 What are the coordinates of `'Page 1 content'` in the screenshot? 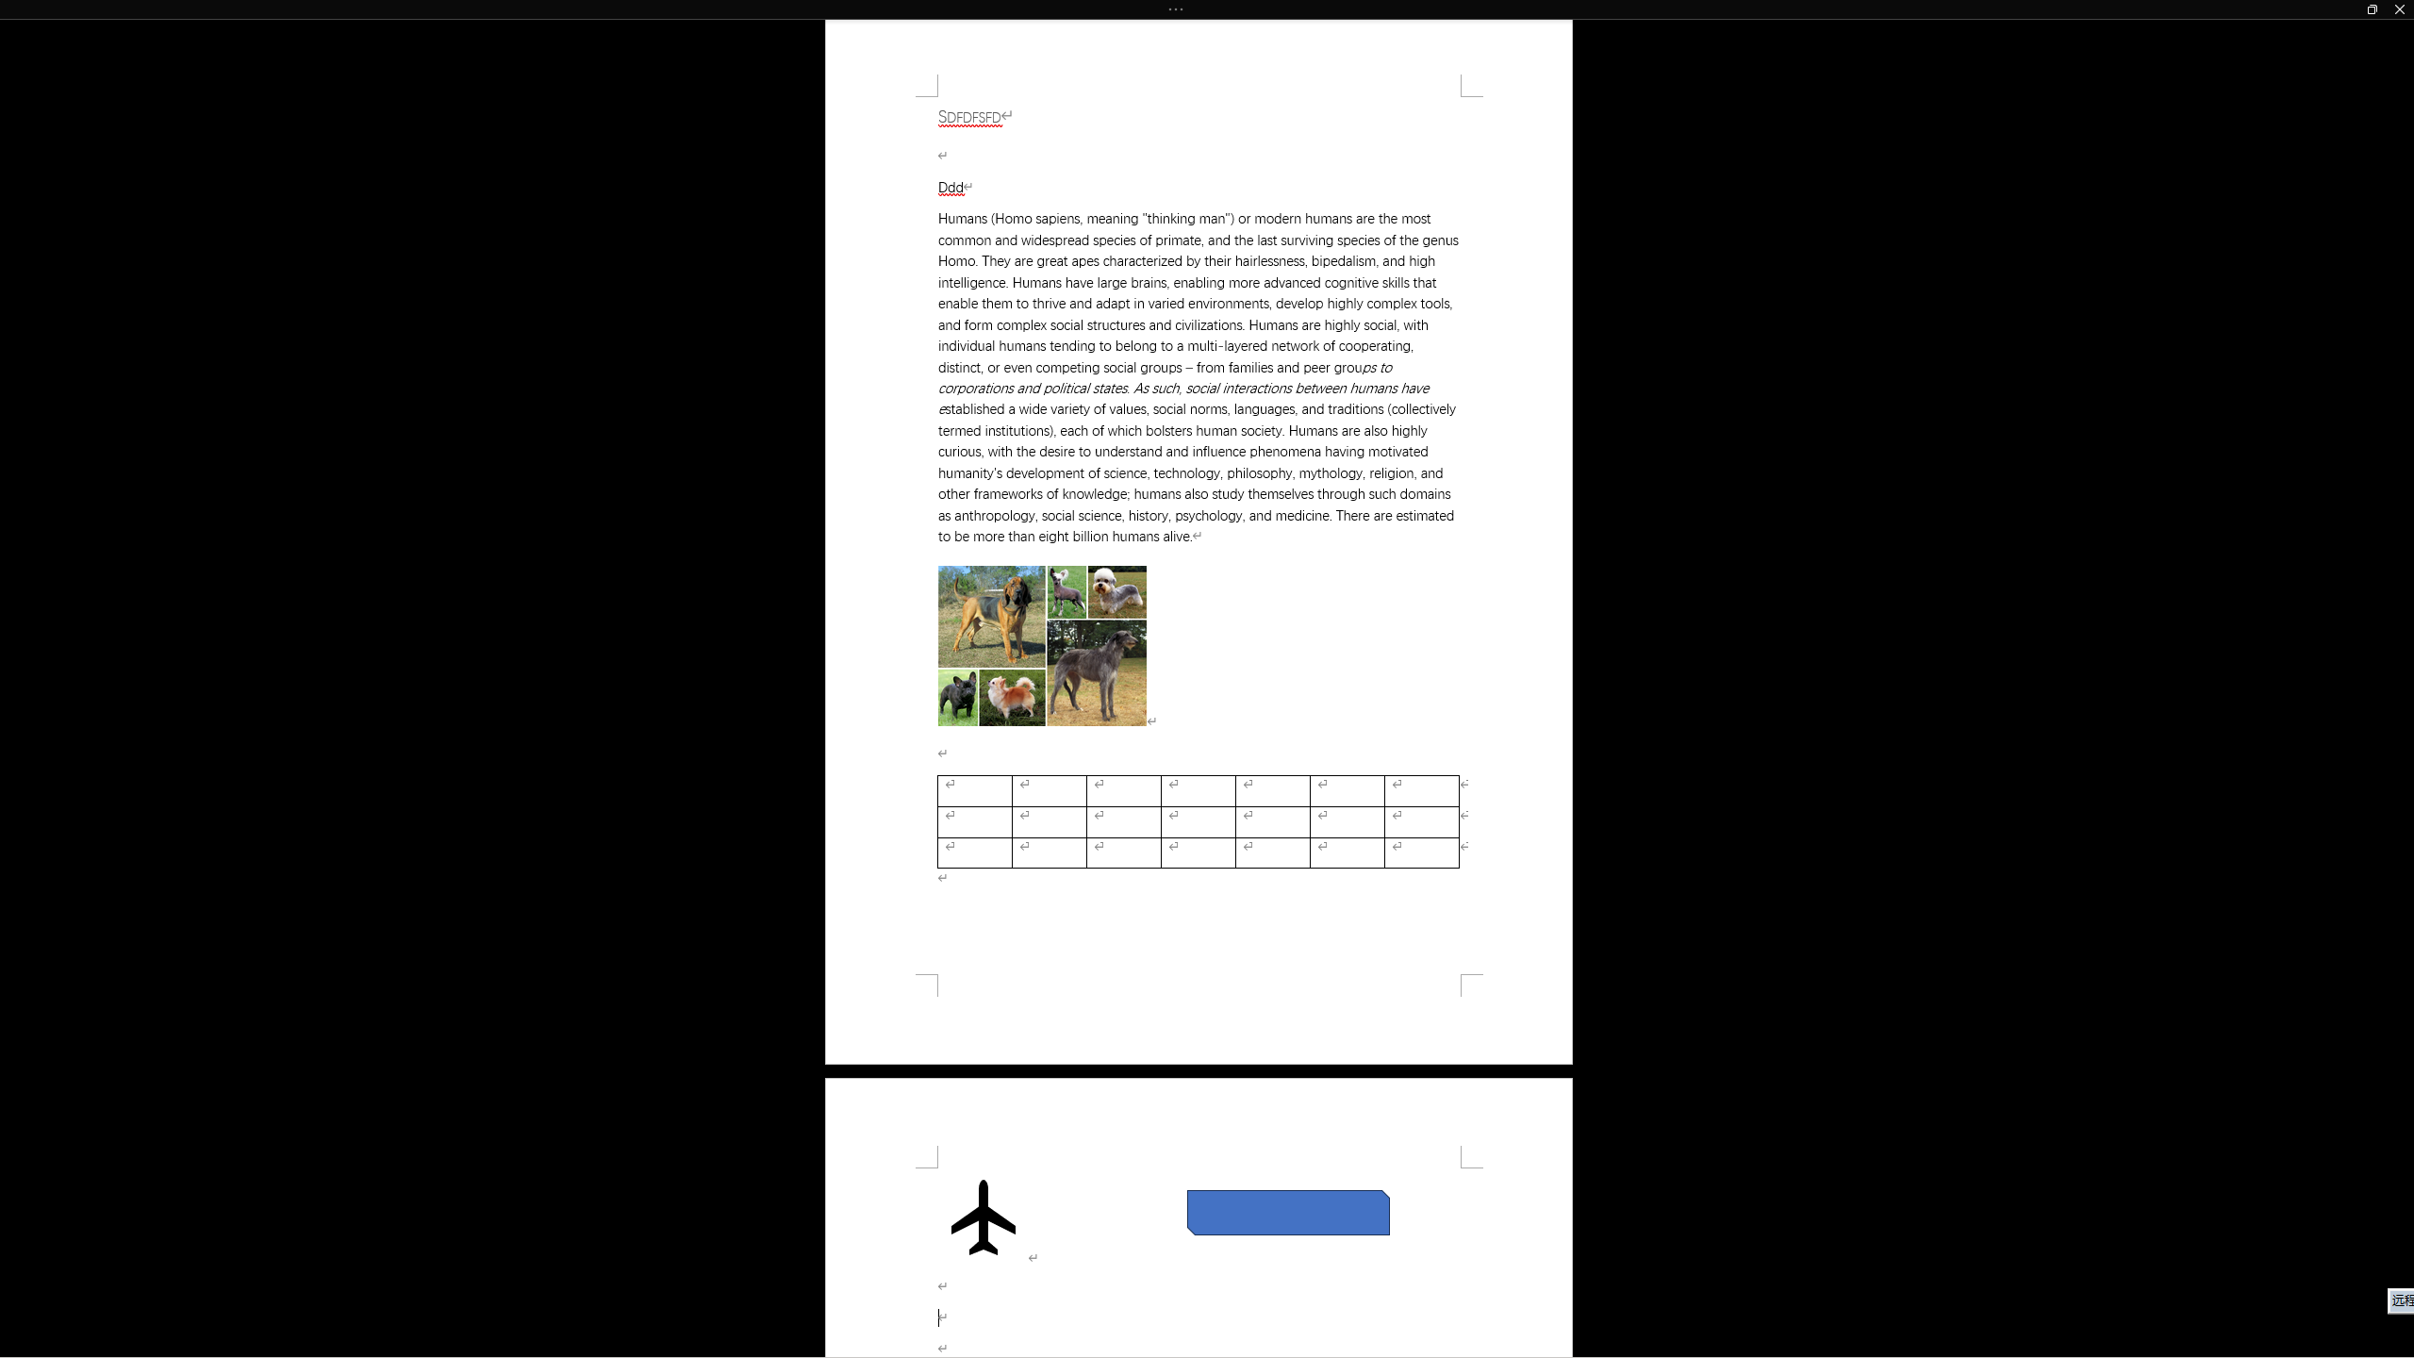 It's located at (1199, 535).